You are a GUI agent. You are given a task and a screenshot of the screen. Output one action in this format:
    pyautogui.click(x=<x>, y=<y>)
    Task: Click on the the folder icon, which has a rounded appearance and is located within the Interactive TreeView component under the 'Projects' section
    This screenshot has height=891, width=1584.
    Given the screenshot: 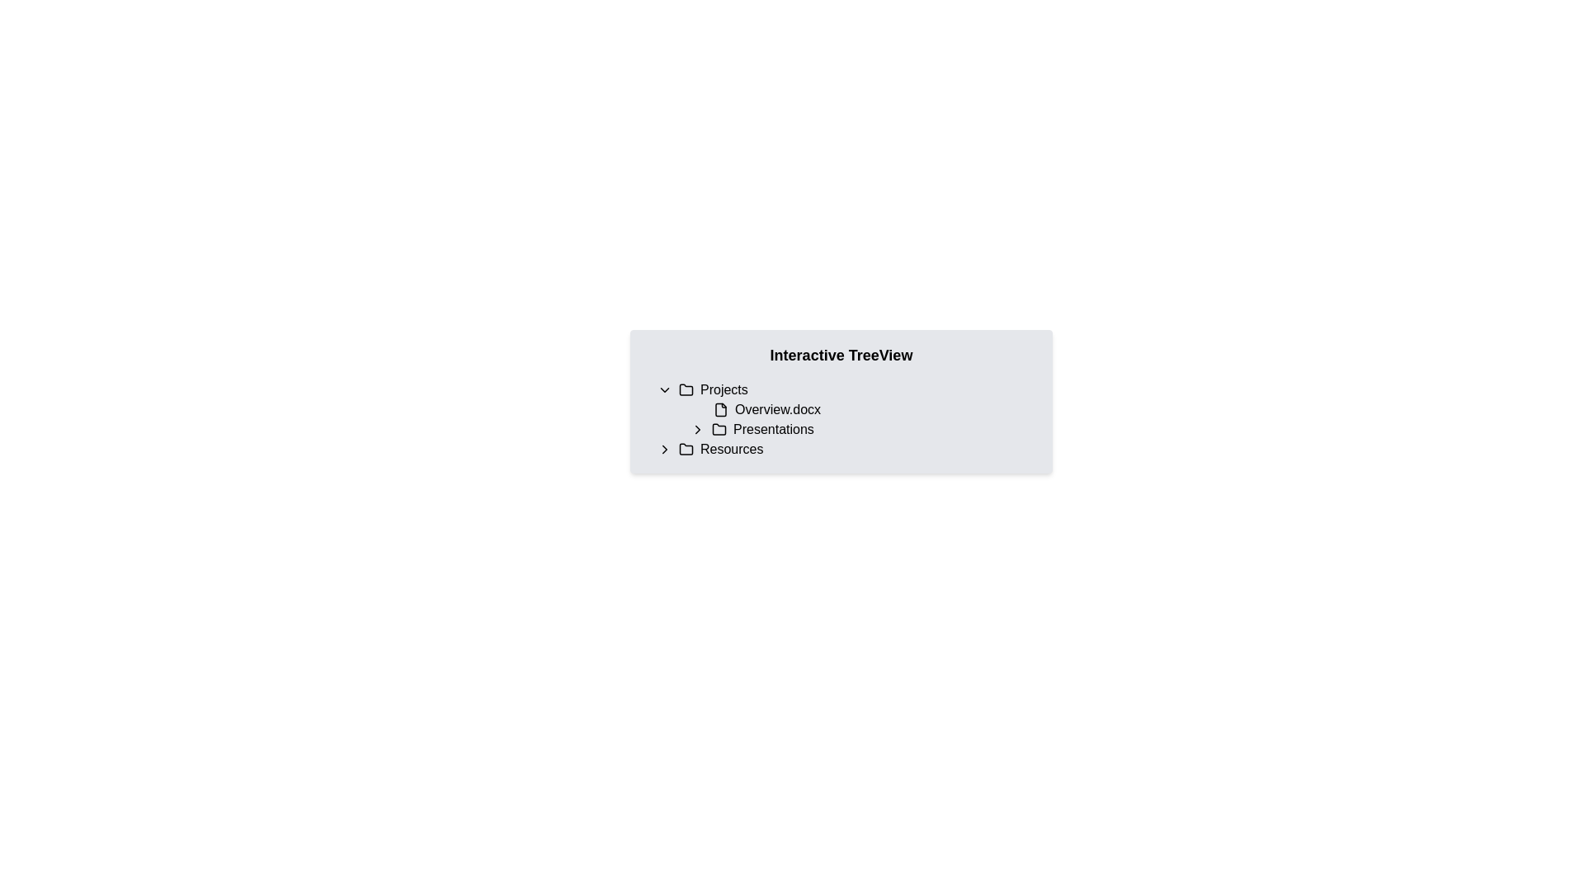 What is the action you would take?
    pyautogui.click(x=719, y=428)
    